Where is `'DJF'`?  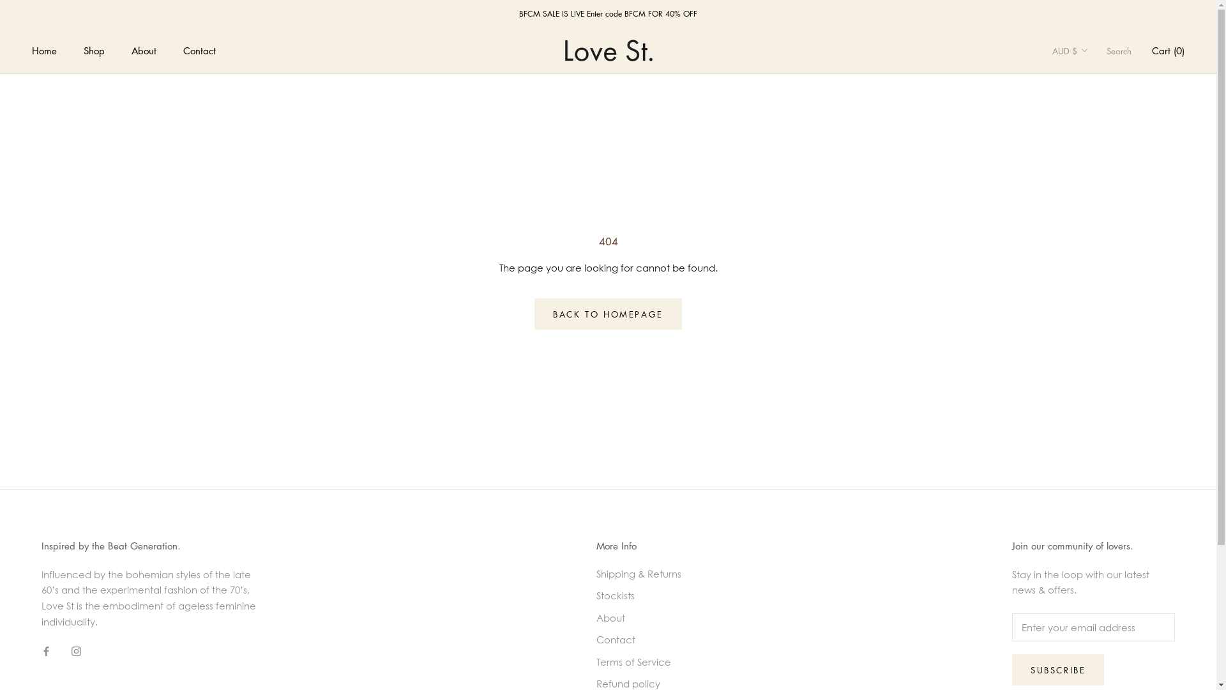 'DJF' is located at coordinates (1090, 582).